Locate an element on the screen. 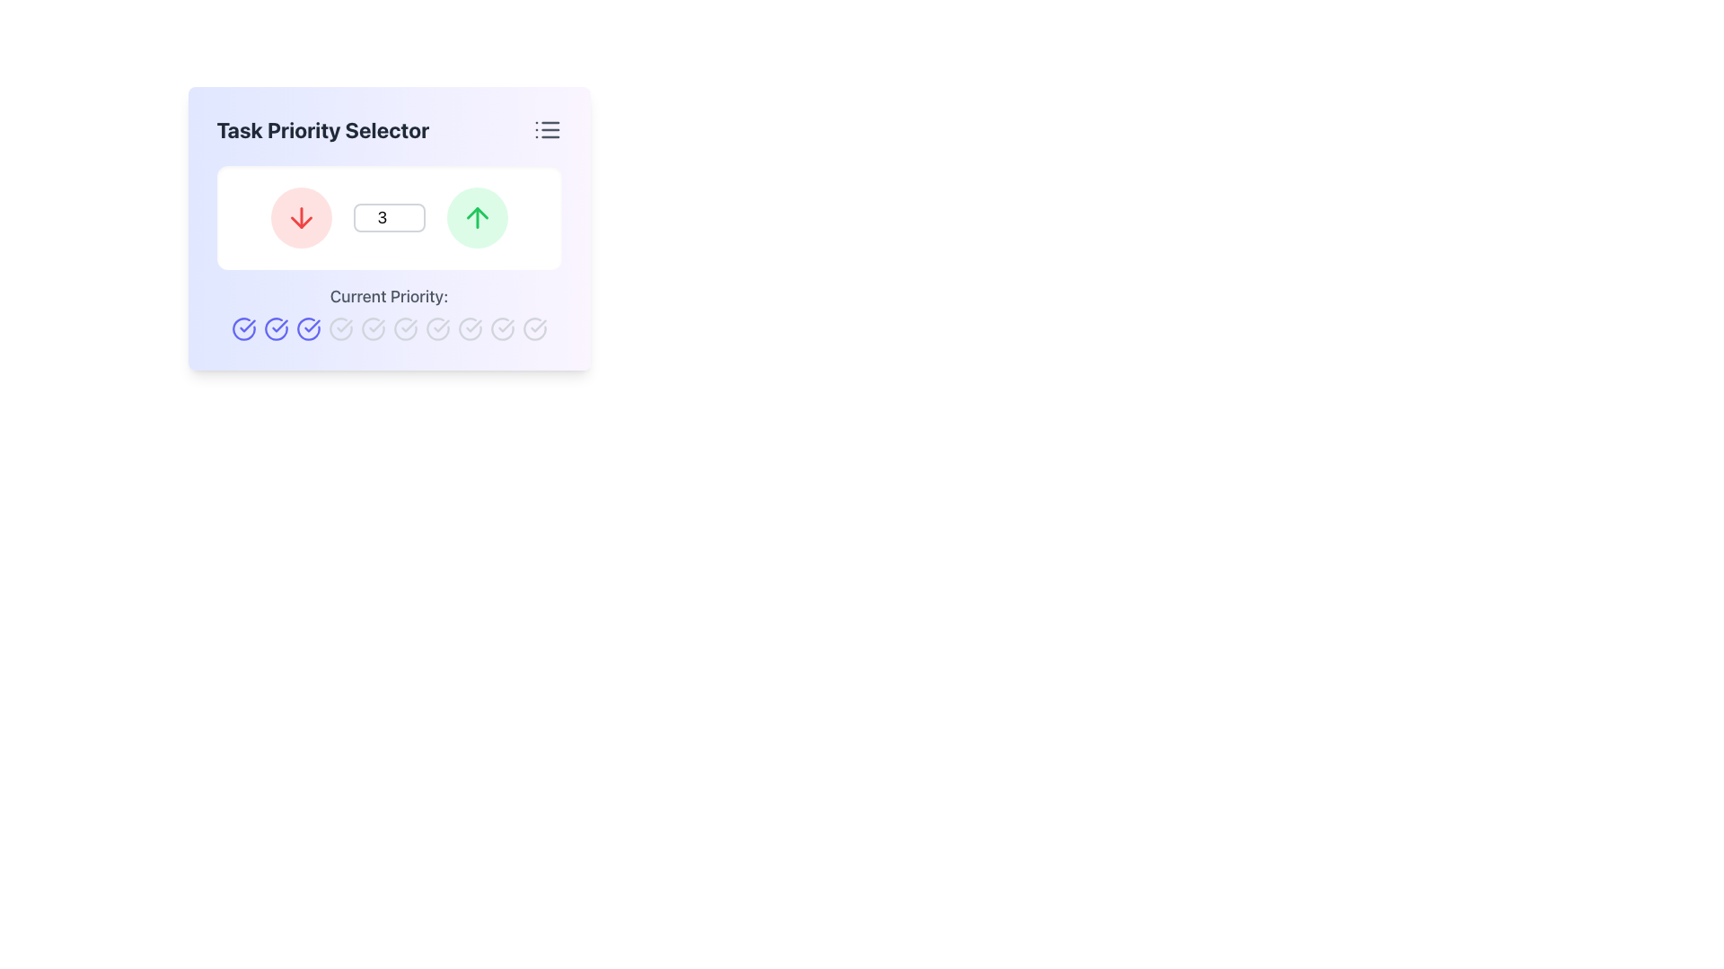 The width and height of the screenshot is (1724, 969). the fourth circular status indicator icon located below the 'Current Priority:' text is located at coordinates (388, 328).